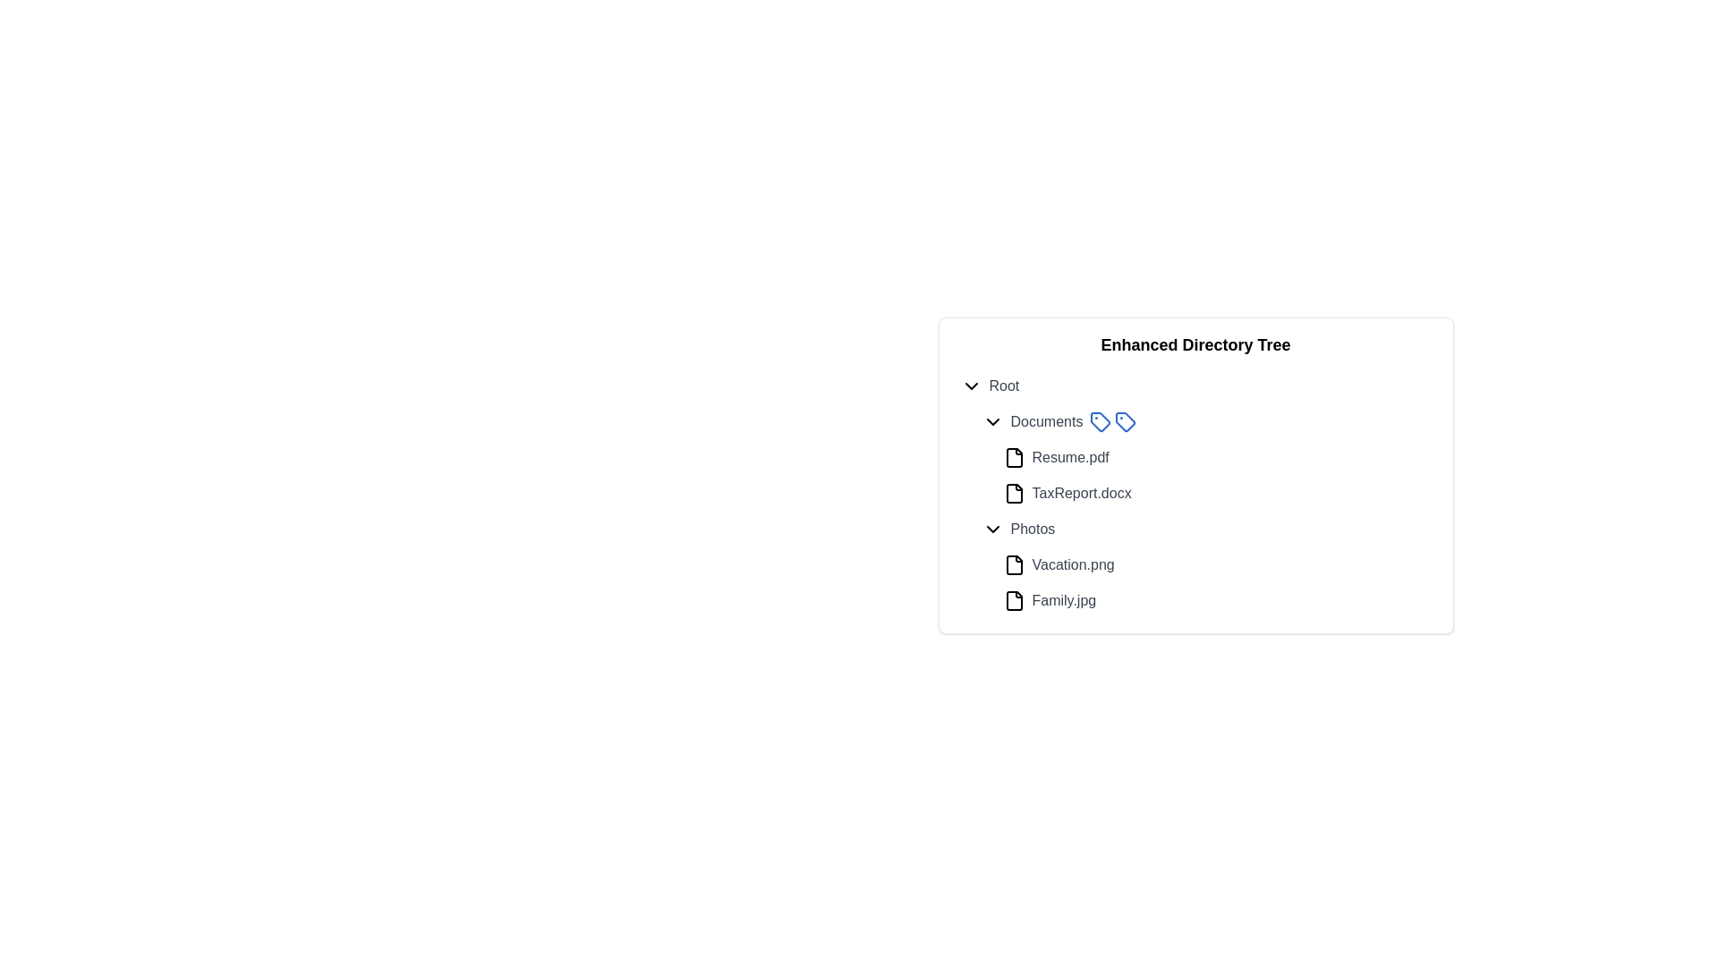 This screenshot has height=966, width=1718. Describe the element at coordinates (1195, 344) in the screenshot. I see `static text element displaying 'Enhanced Directory Tree', which is styled in bold and larger font, positioned at the top of the directory section` at that location.